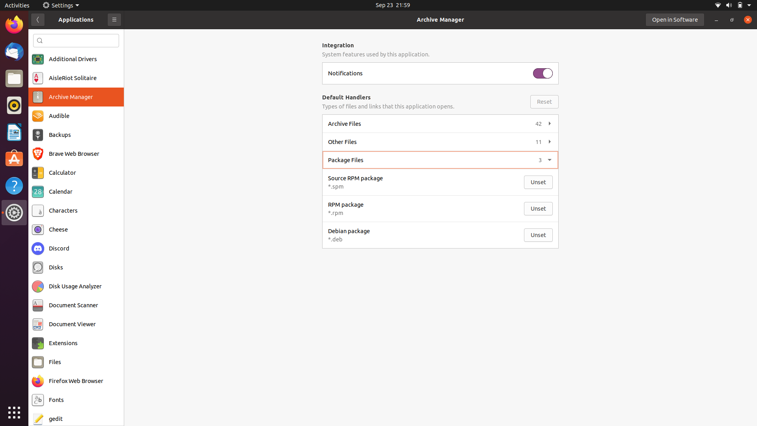  What do you see at coordinates (539, 182) in the screenshot?
I see `opening of unset source rpm package` at bounding box center [539, 182].